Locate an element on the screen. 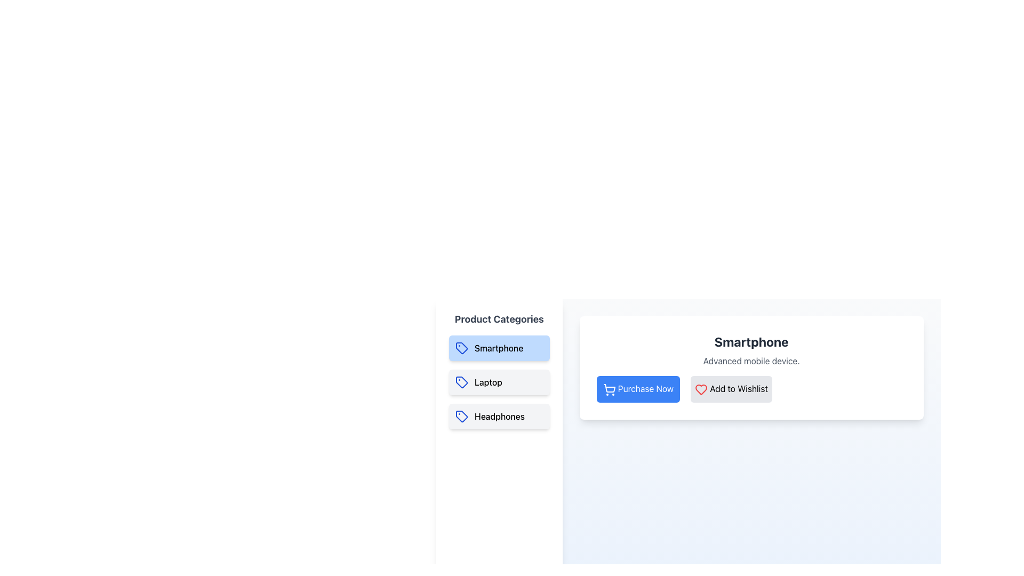 The width and height of the screenshot is (1024, 576). the 'Purchase Now' button, which features a shopping cart icon on its left side is located at coordinates (609, 388).